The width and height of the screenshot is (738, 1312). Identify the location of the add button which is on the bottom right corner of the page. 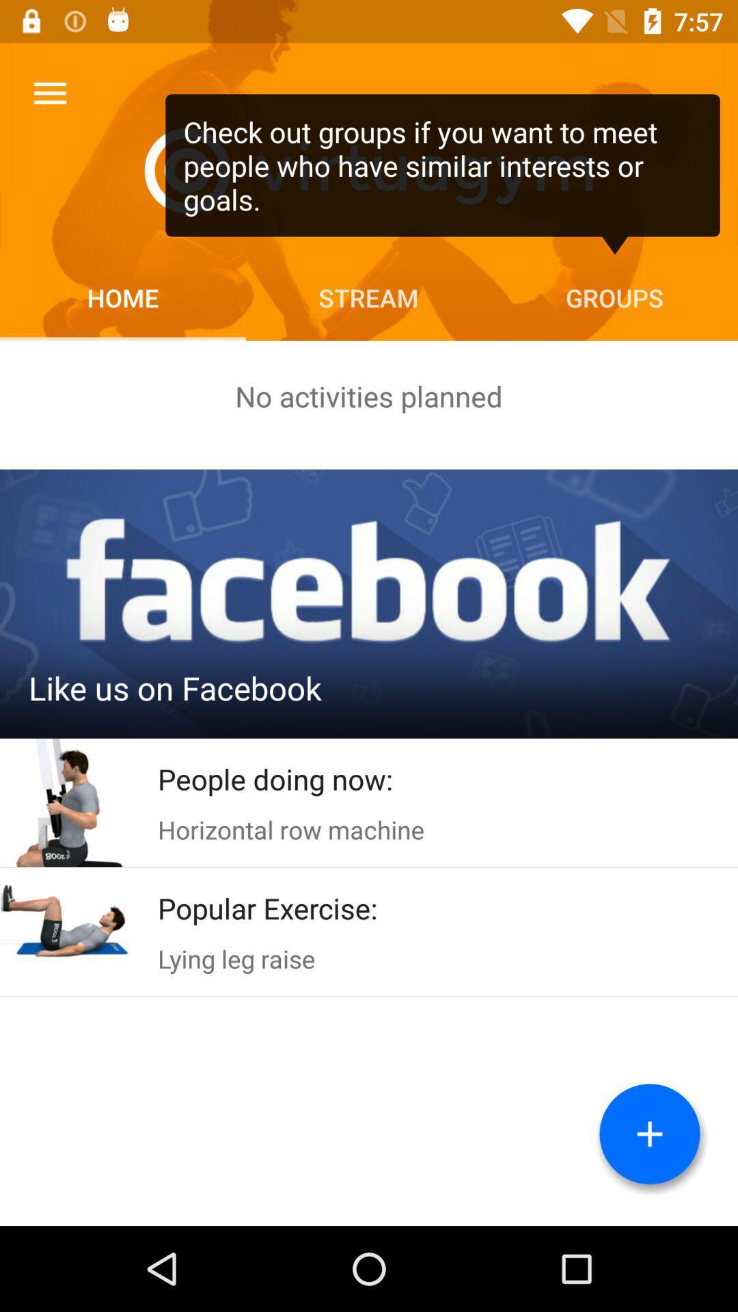
(649, 1134).